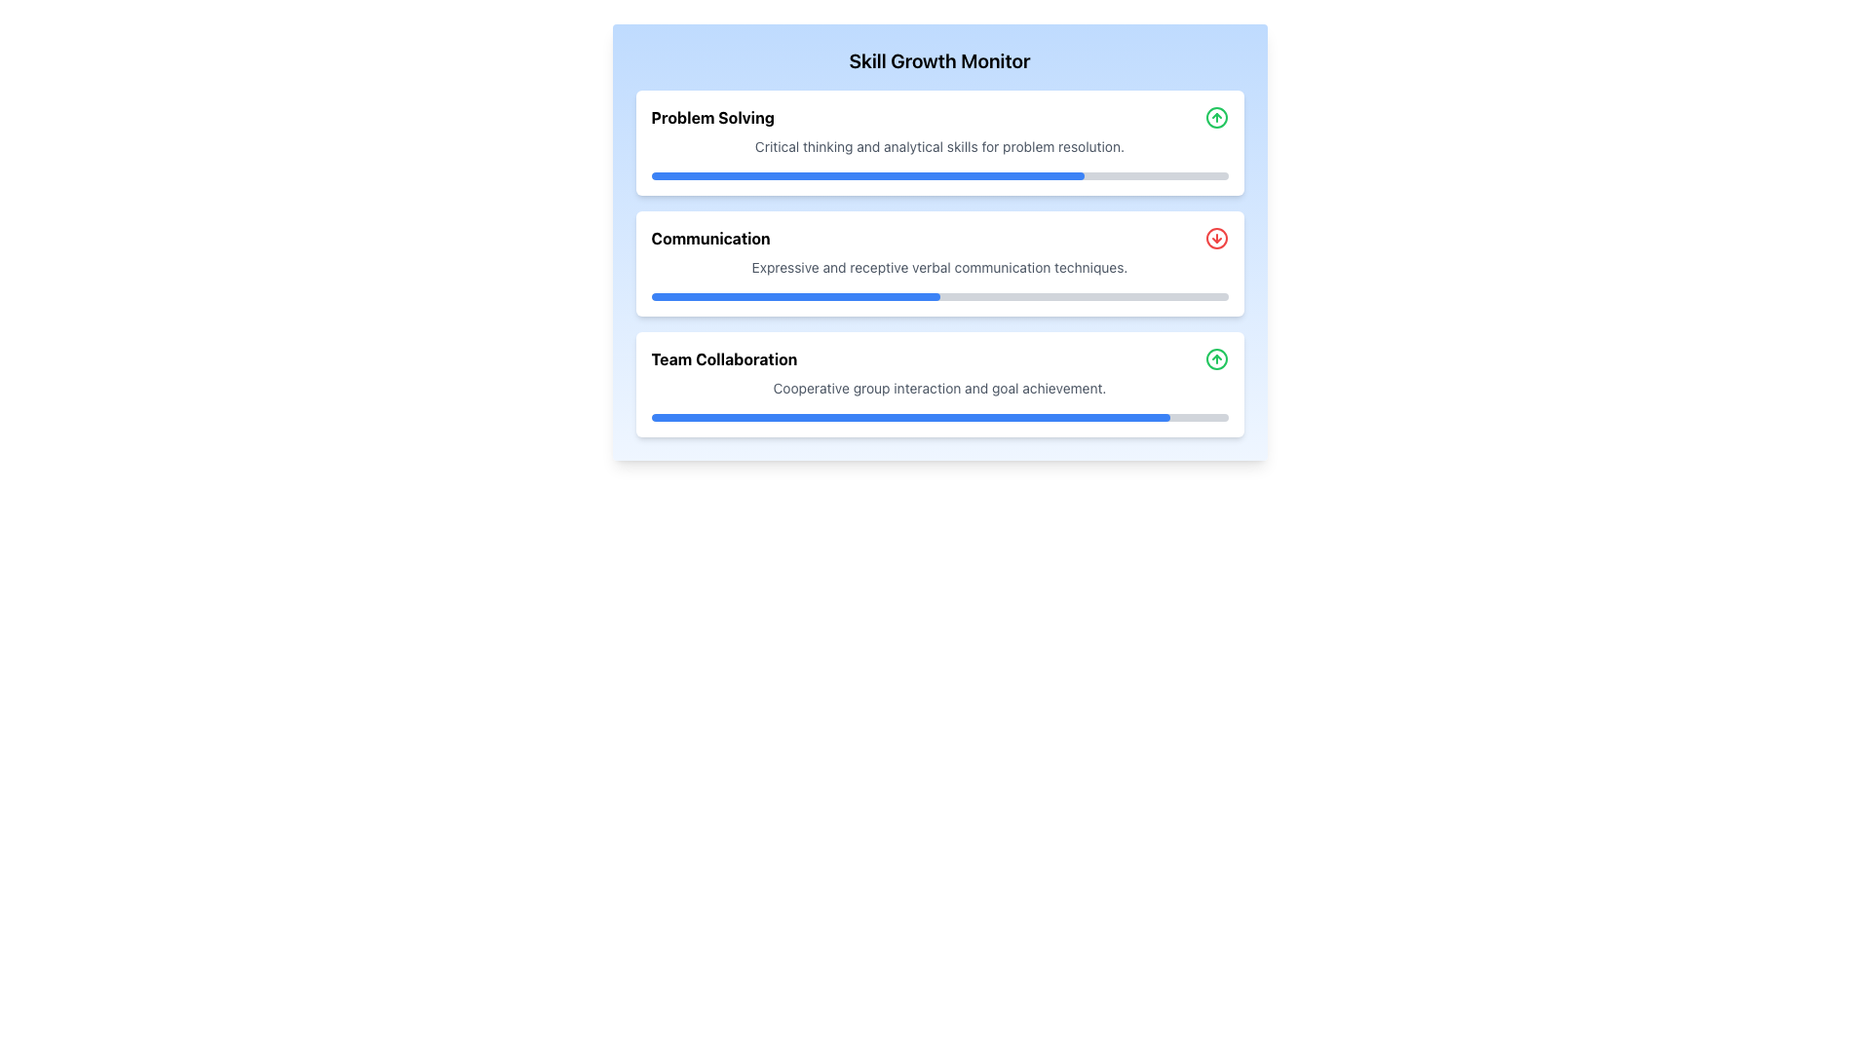 This screenshot has height=1052, width=1871. Describe the element at coordinates (939, 145) in the screenshot. I see `the text label that reads 'Critical thinking and analytical skills for problem resolution.' positioned under the header 'Problem Solving'` at that location.